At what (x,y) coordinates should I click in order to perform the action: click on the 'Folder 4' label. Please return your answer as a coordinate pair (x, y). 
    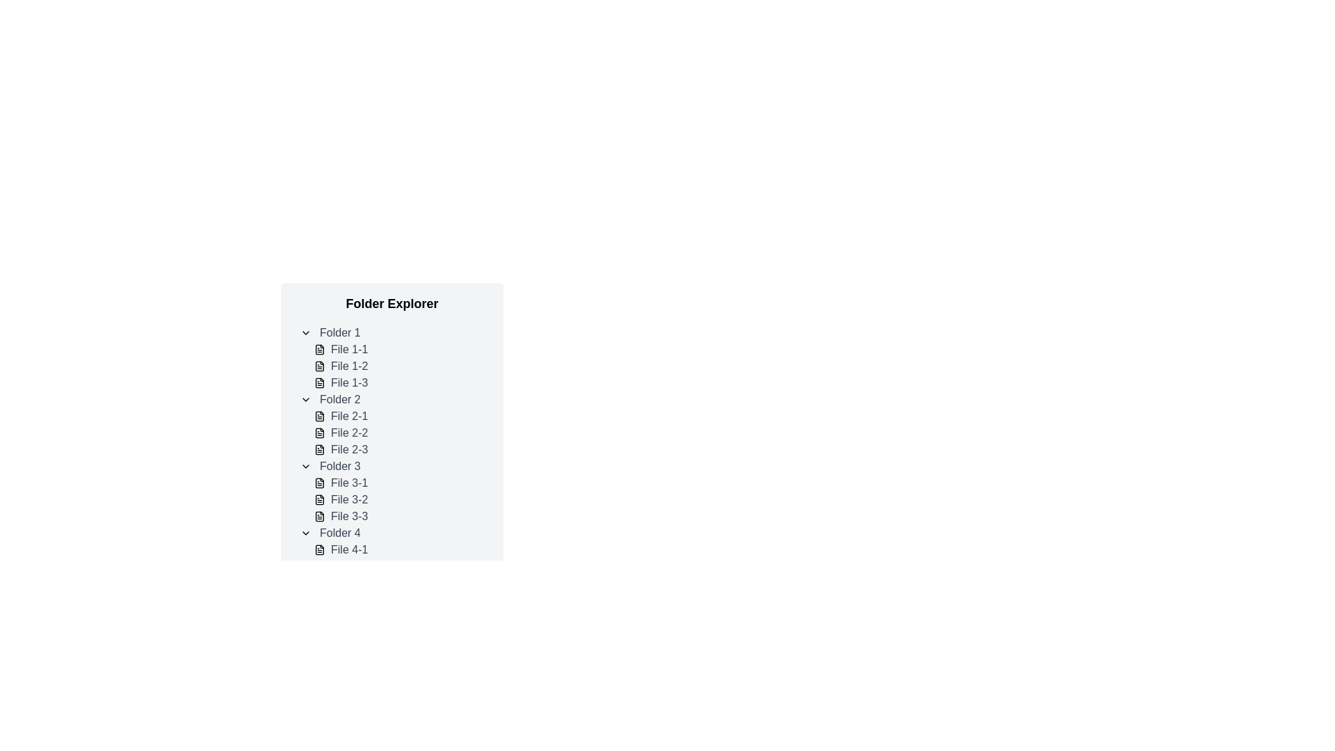
    Looking at the image, I should click on (340, 533).